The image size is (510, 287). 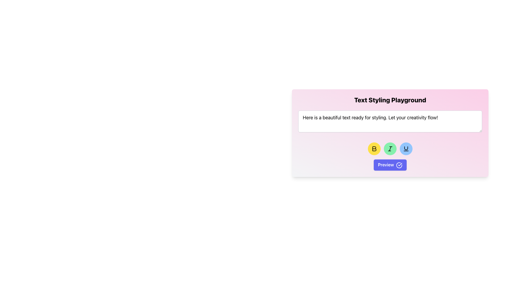 What do you see at coordinates (406, 149) in the screenshot?
I see `the 'Underline' icon button located in the toolbar under the text area input field of the 'Text Styling Playground' interface` at bounding box center [406, 149].